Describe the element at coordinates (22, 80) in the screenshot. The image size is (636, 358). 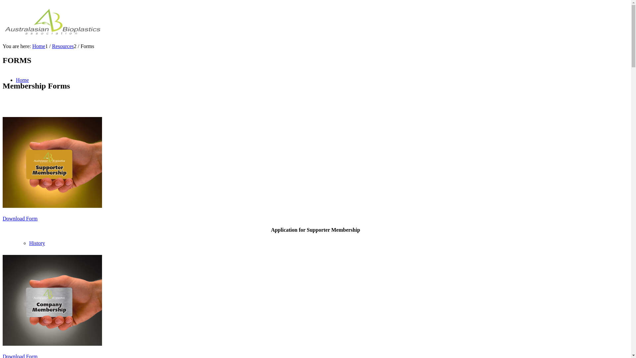
I see `'Home'` at that location.